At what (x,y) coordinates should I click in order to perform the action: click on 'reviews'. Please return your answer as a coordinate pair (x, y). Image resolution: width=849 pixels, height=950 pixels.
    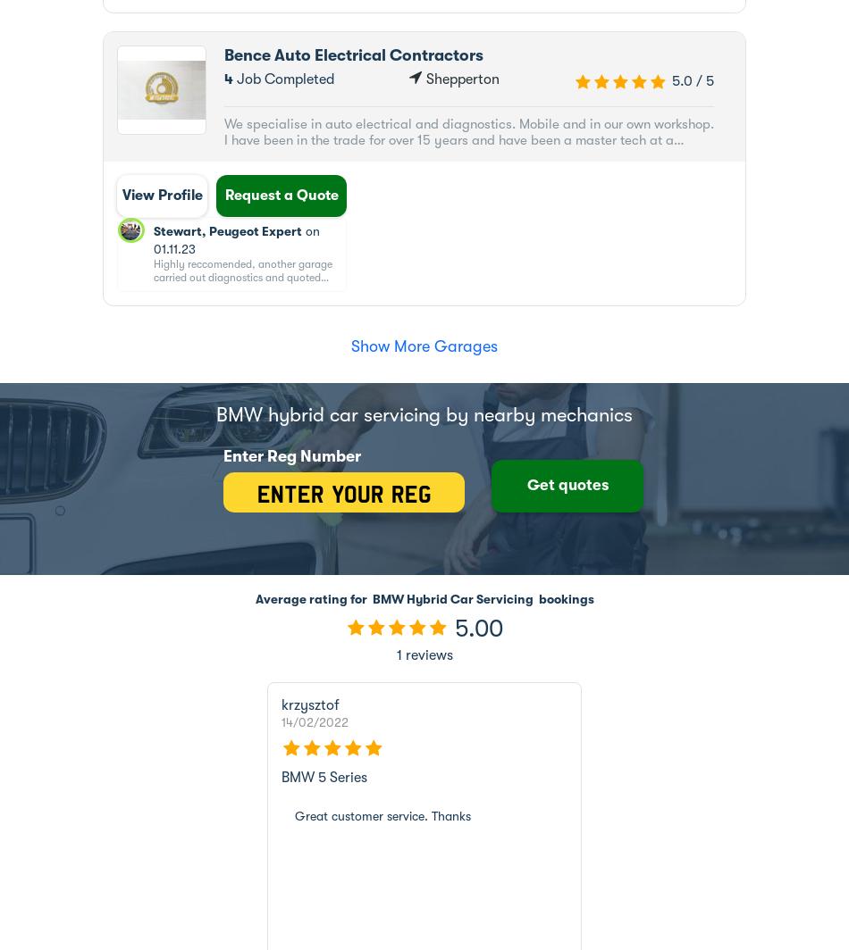
    Looking at the image, I should click on (399, 654).